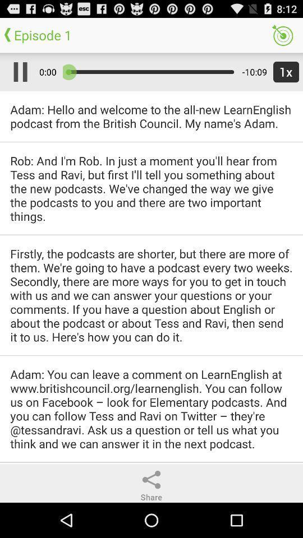 The image size is (303, 538). I want to click on the item below rob and i item, so click(151, 294).